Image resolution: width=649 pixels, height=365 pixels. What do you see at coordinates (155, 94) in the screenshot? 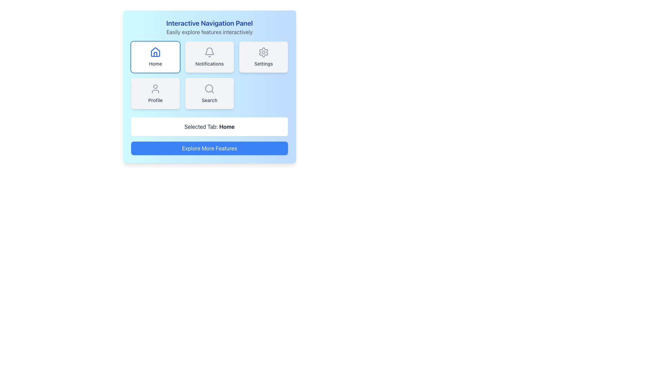
I see `the fourth button in the grid layout` at bounding box center [155, 94].